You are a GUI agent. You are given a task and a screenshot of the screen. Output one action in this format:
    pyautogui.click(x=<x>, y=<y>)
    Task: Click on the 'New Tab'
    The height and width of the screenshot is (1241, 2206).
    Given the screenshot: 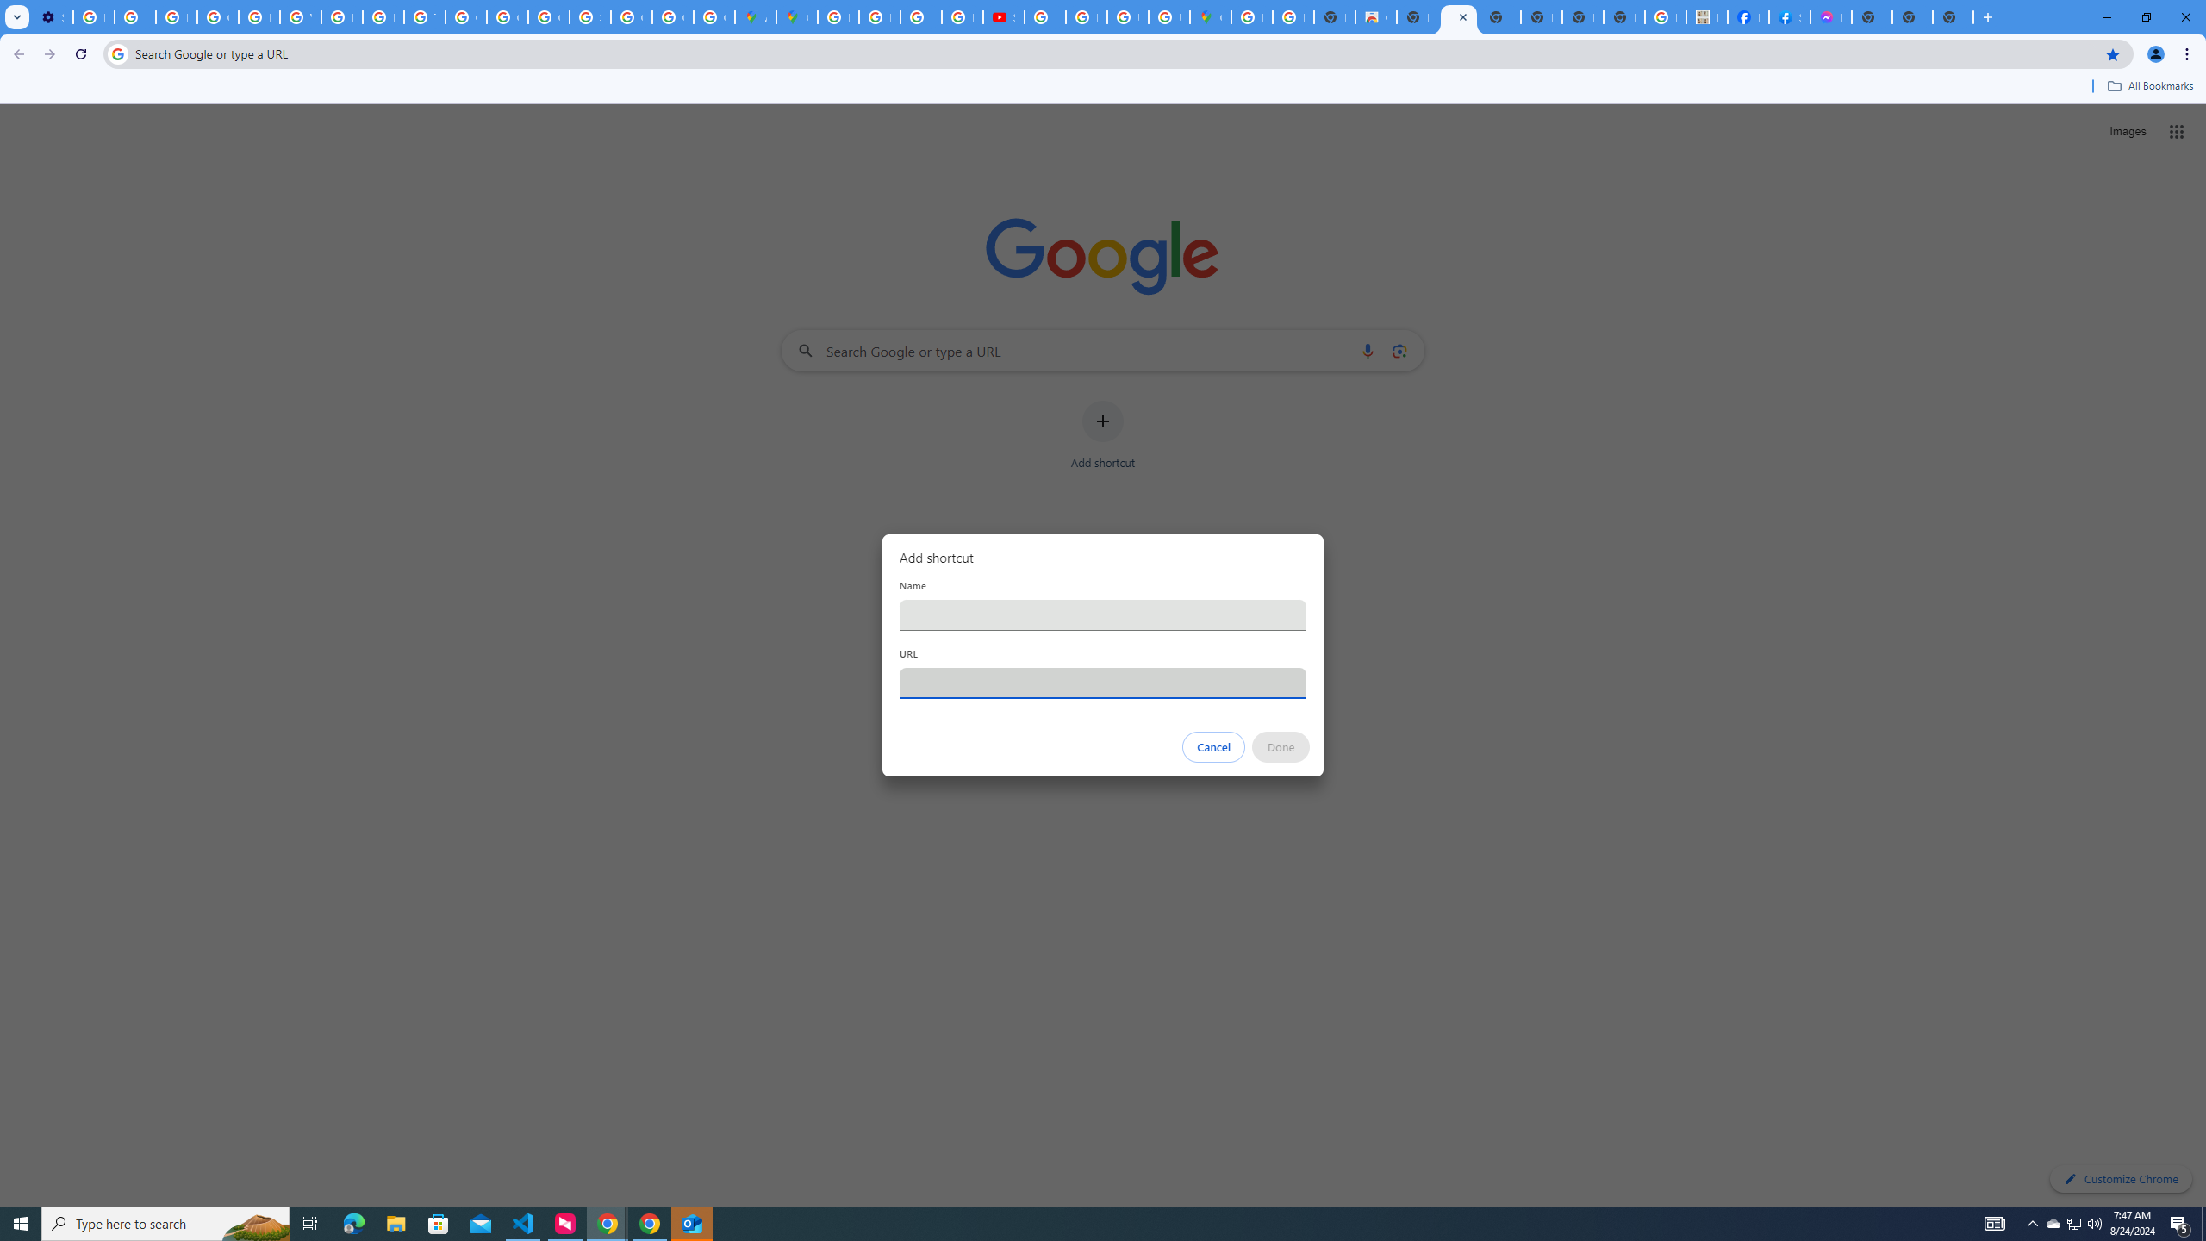 What is the action you would take?
    pyautogui.click(x=1953, y=16)
    